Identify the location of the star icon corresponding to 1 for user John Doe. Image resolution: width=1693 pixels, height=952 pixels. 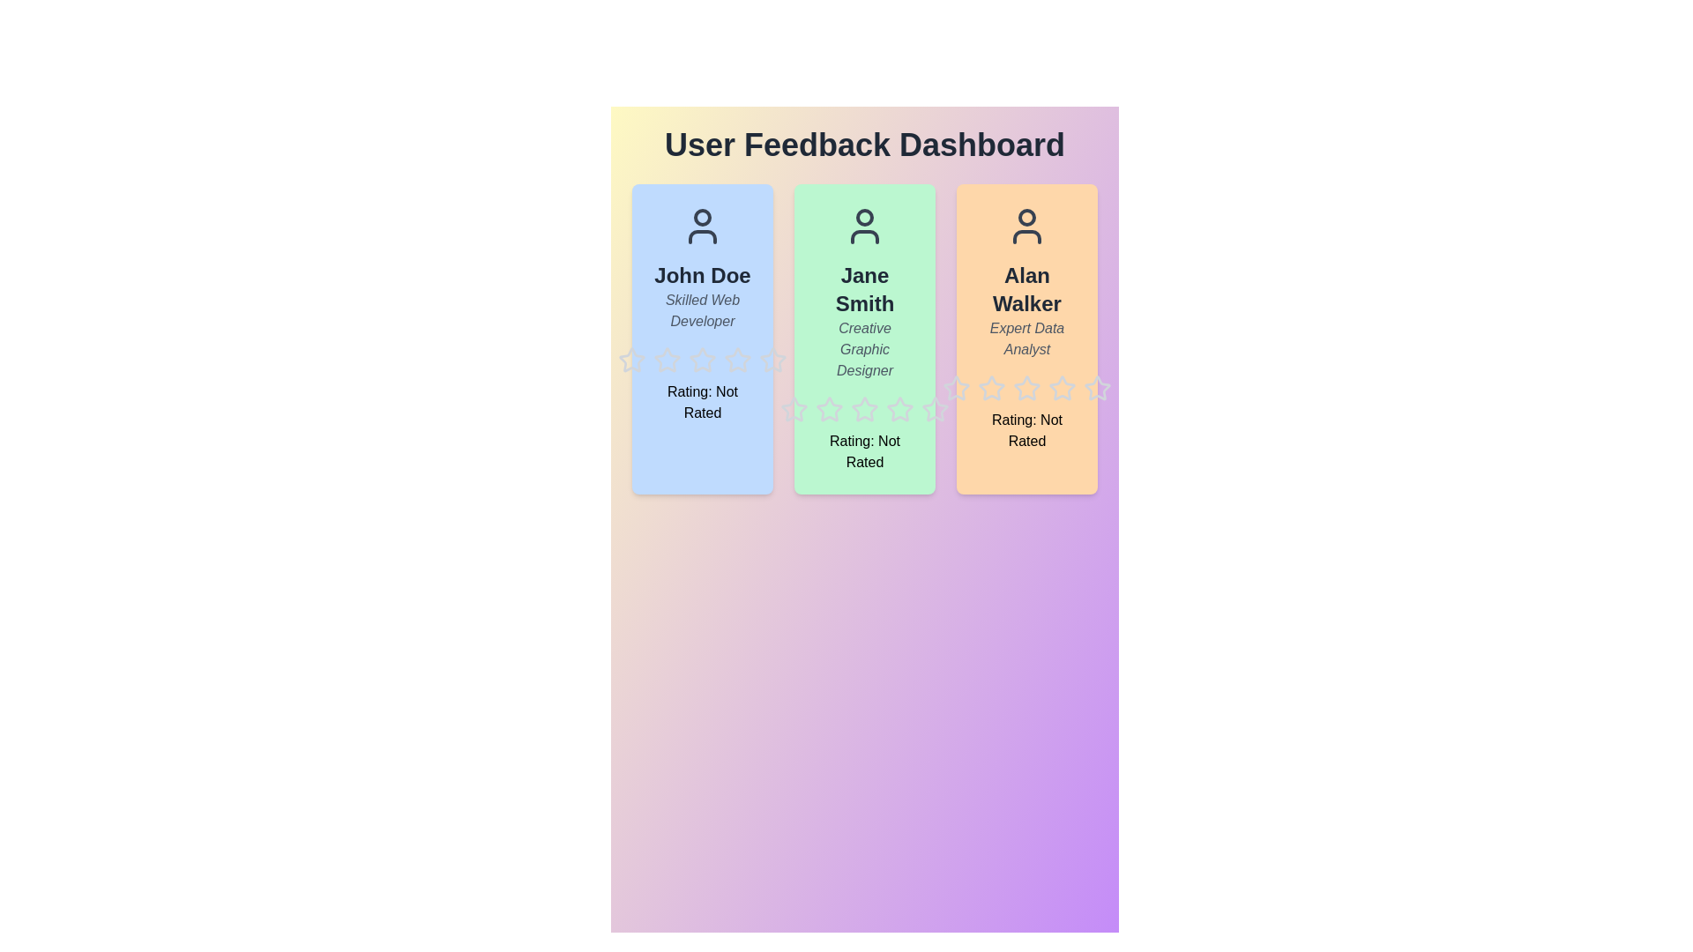
(617, 346).